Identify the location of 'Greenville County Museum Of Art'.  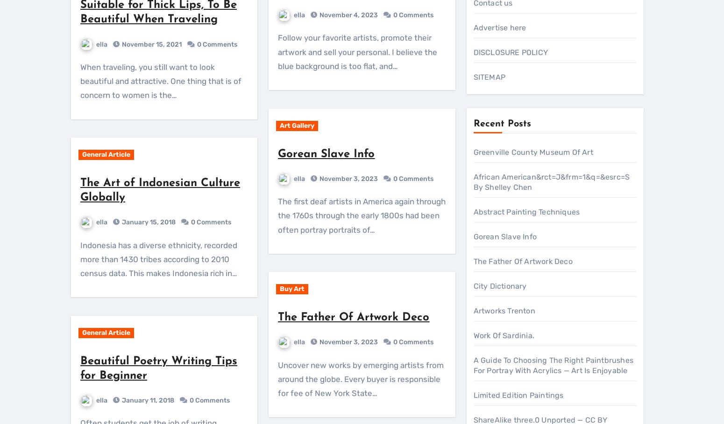
(92, 399).